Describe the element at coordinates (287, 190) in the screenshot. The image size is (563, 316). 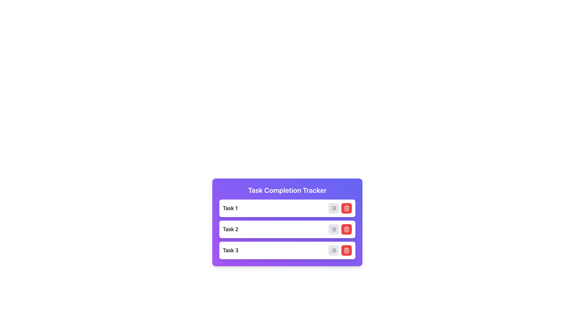
I see `the static text header indicating the context for tracking task completion, located at the top of the card-like section` at that location.